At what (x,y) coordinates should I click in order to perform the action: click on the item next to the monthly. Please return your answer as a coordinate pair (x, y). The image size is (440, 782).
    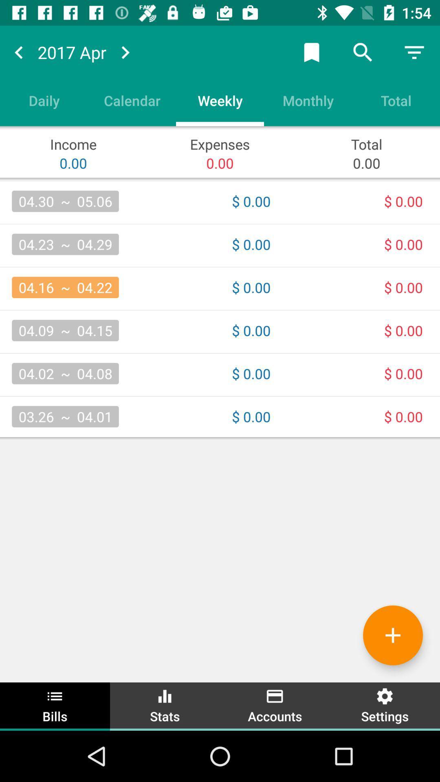
    Looking at the image, I should click on (220, 100).